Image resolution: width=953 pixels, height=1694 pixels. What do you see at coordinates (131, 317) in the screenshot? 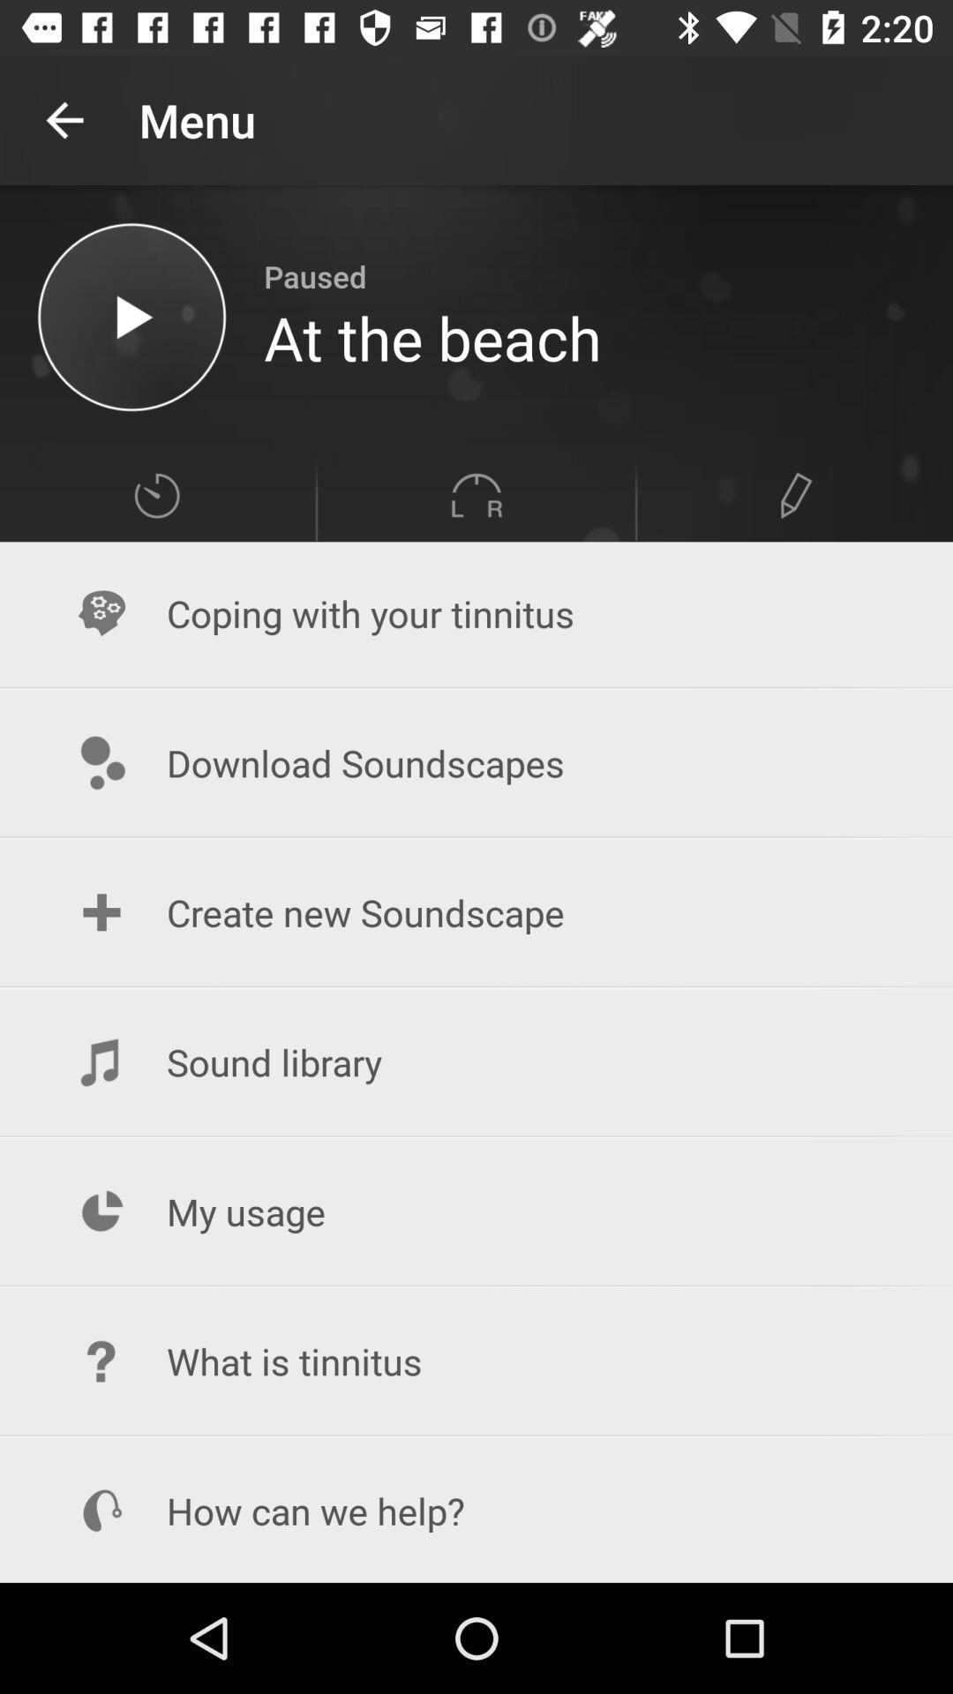
I see `music` at bounding box center [131, 317].